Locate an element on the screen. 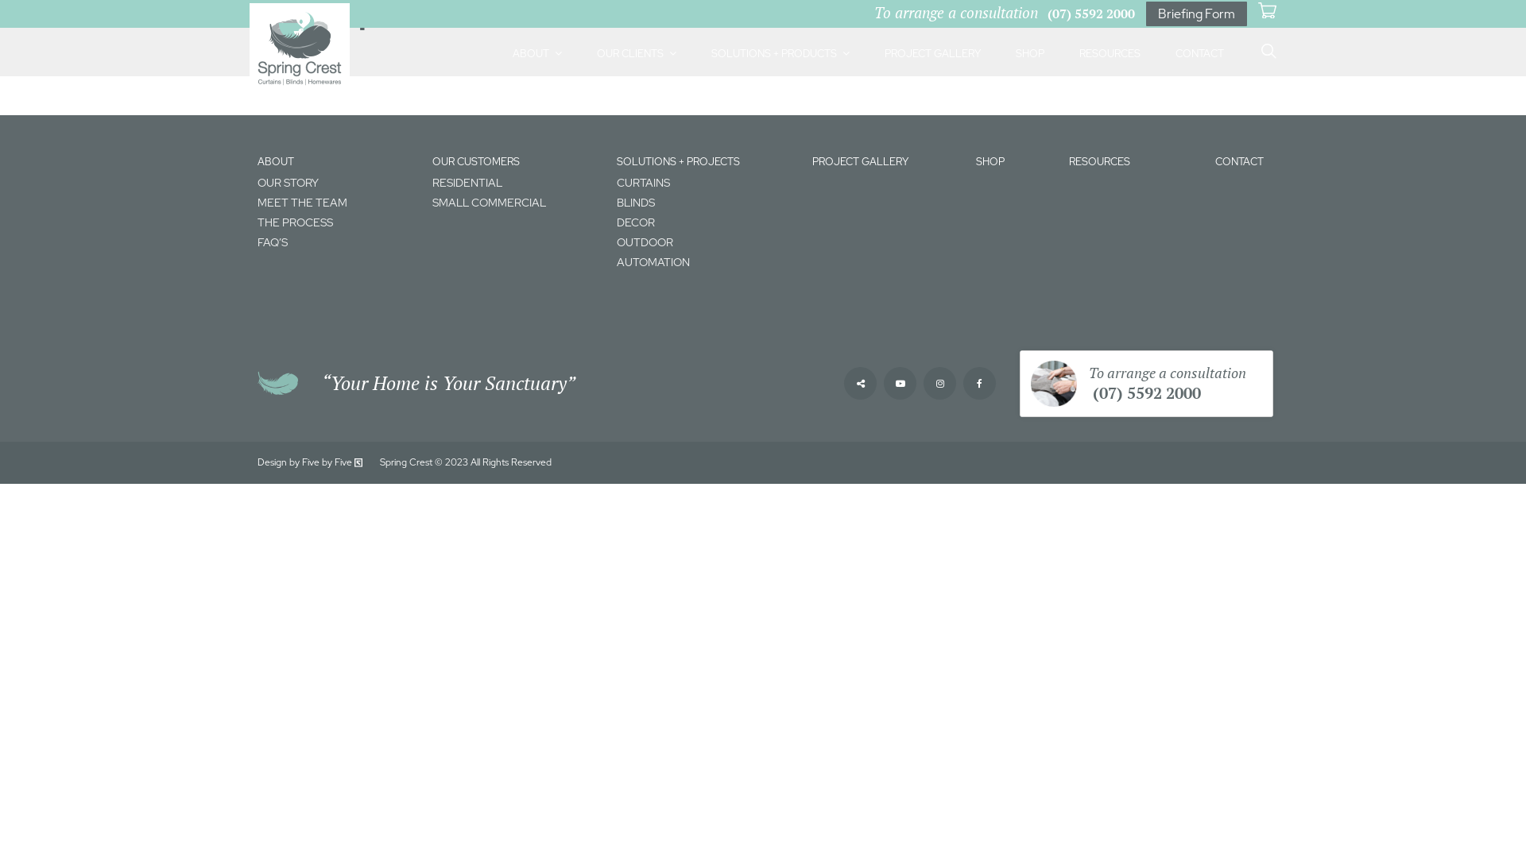 The height and width of the screenshot is (858, 1526). 'BLINDS' is located at coordinates (705, 202).